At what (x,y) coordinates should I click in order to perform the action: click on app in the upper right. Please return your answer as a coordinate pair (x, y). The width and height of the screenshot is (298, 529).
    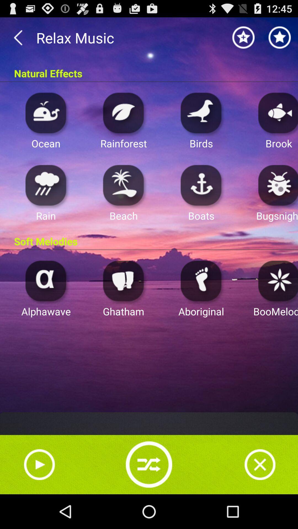
    Looking at the image, I should click on (276, 112).